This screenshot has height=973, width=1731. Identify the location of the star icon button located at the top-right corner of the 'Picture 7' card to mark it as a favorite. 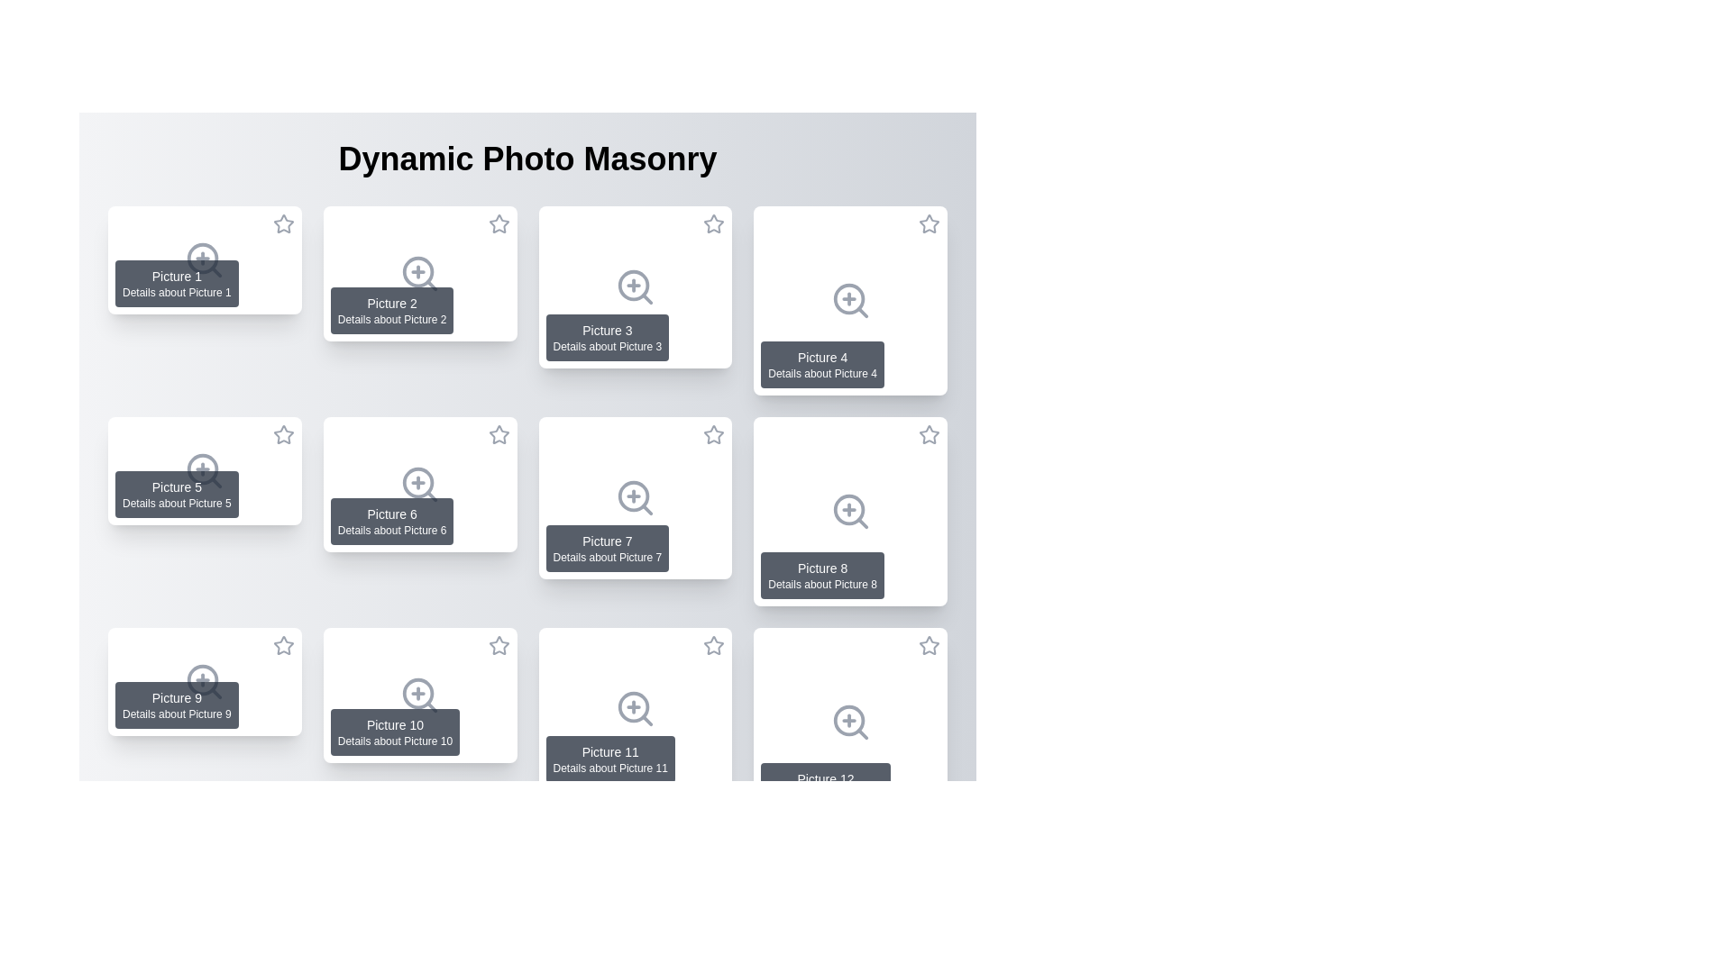
(713, 434).